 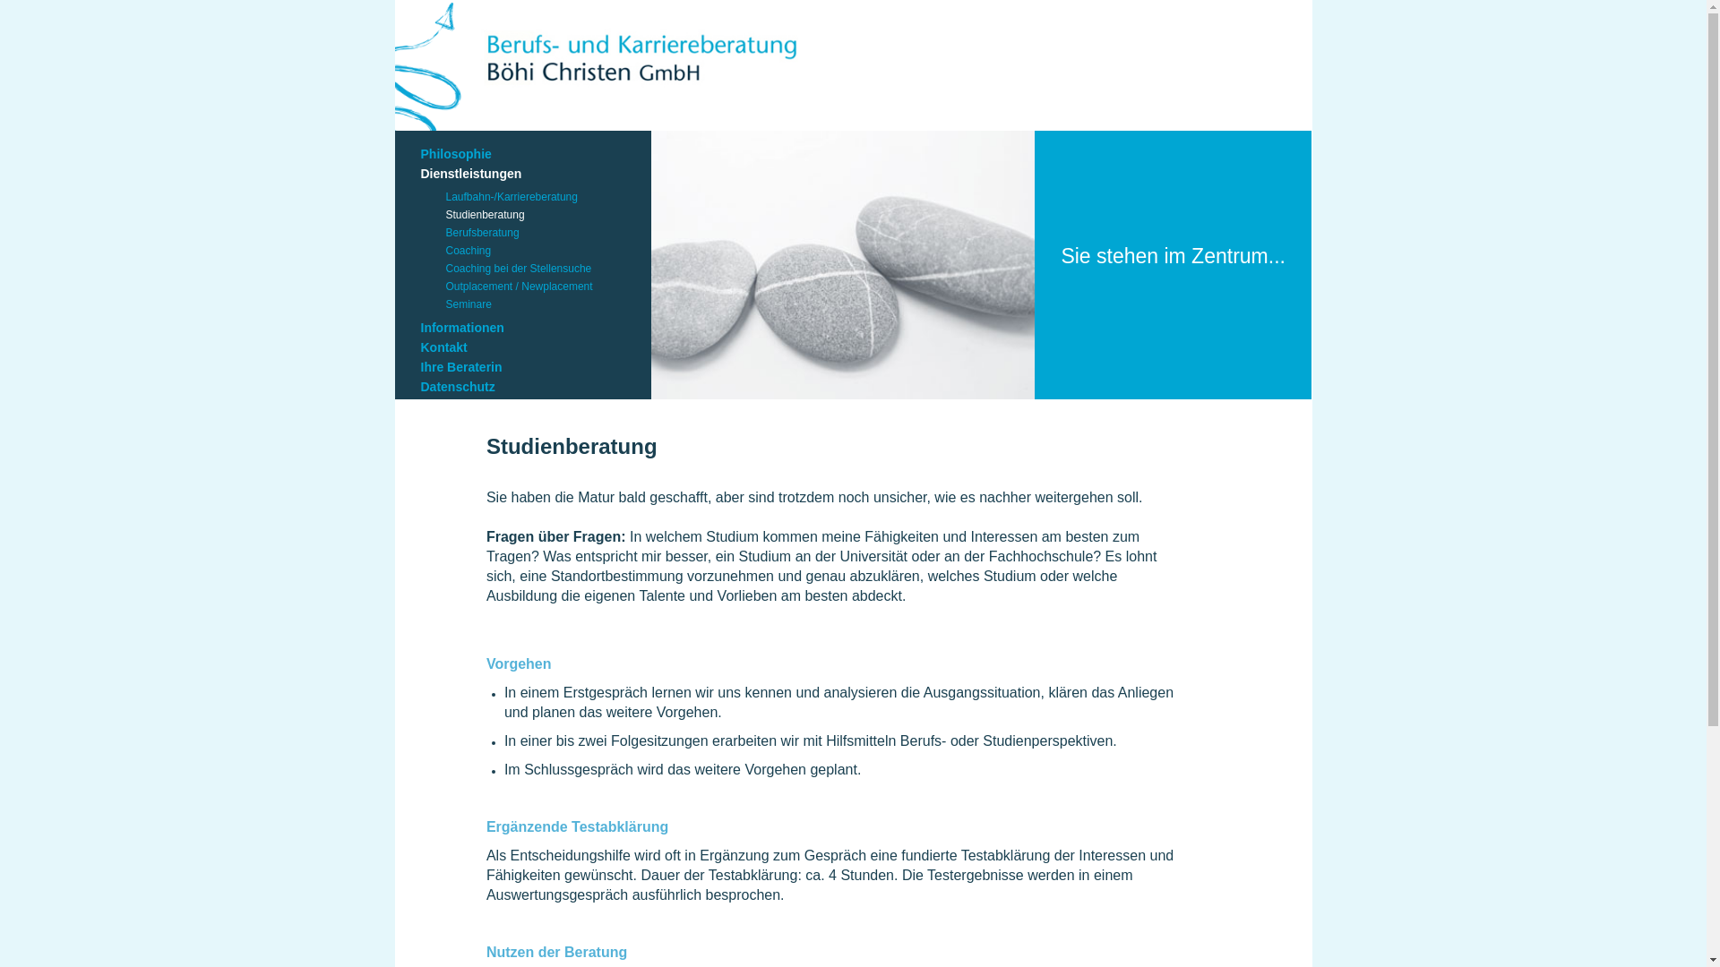 What do you see at coordinates (537, 286) in the screenshot?
I see `'Outplacement / Newplacement'` at bounding box center [537, 286].